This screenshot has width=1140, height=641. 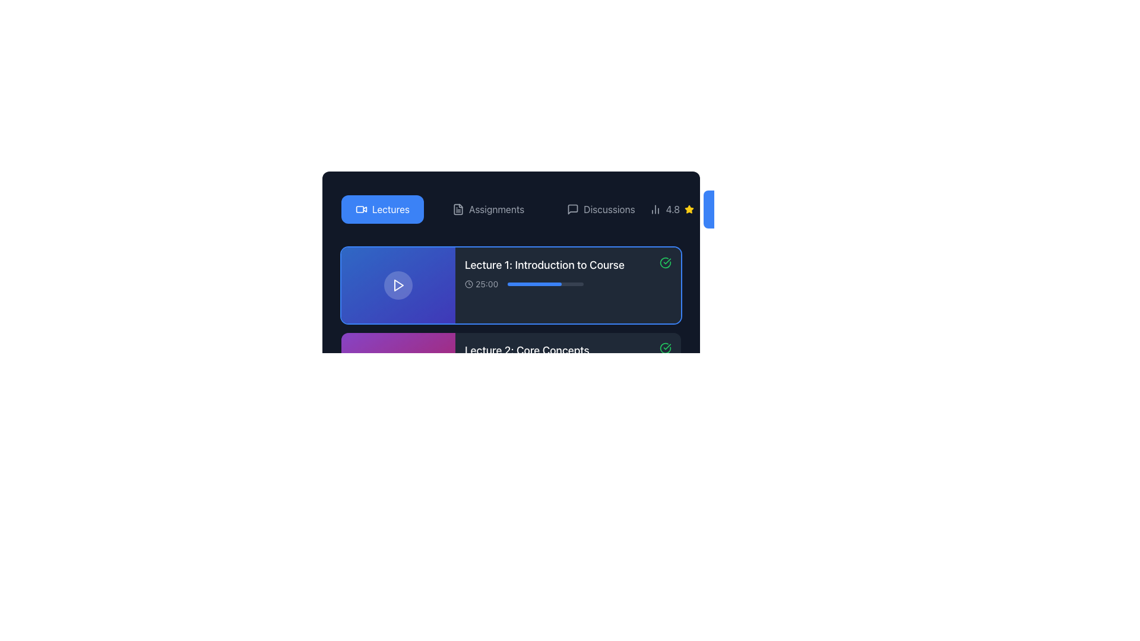 I want to click on the star icon located, so click(x=689, y=208).